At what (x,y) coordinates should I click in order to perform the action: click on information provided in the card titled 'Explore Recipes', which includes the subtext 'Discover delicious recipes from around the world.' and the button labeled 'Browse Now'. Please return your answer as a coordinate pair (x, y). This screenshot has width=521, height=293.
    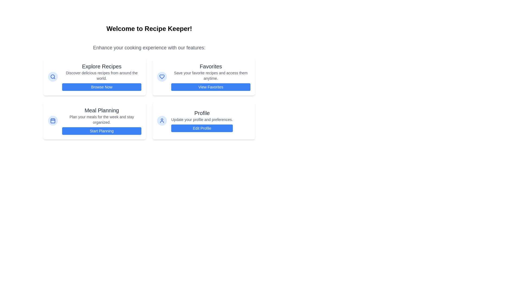
    Looking at the image, I should click on (101, 77).